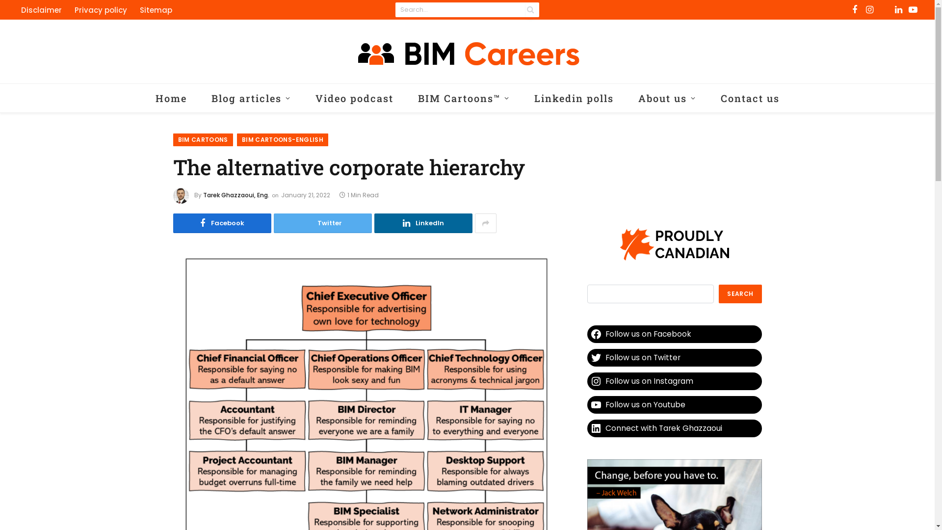  Describe the element at coordinates (41, 9) in the screenshot. I see `'Disclaimer'` at that location.